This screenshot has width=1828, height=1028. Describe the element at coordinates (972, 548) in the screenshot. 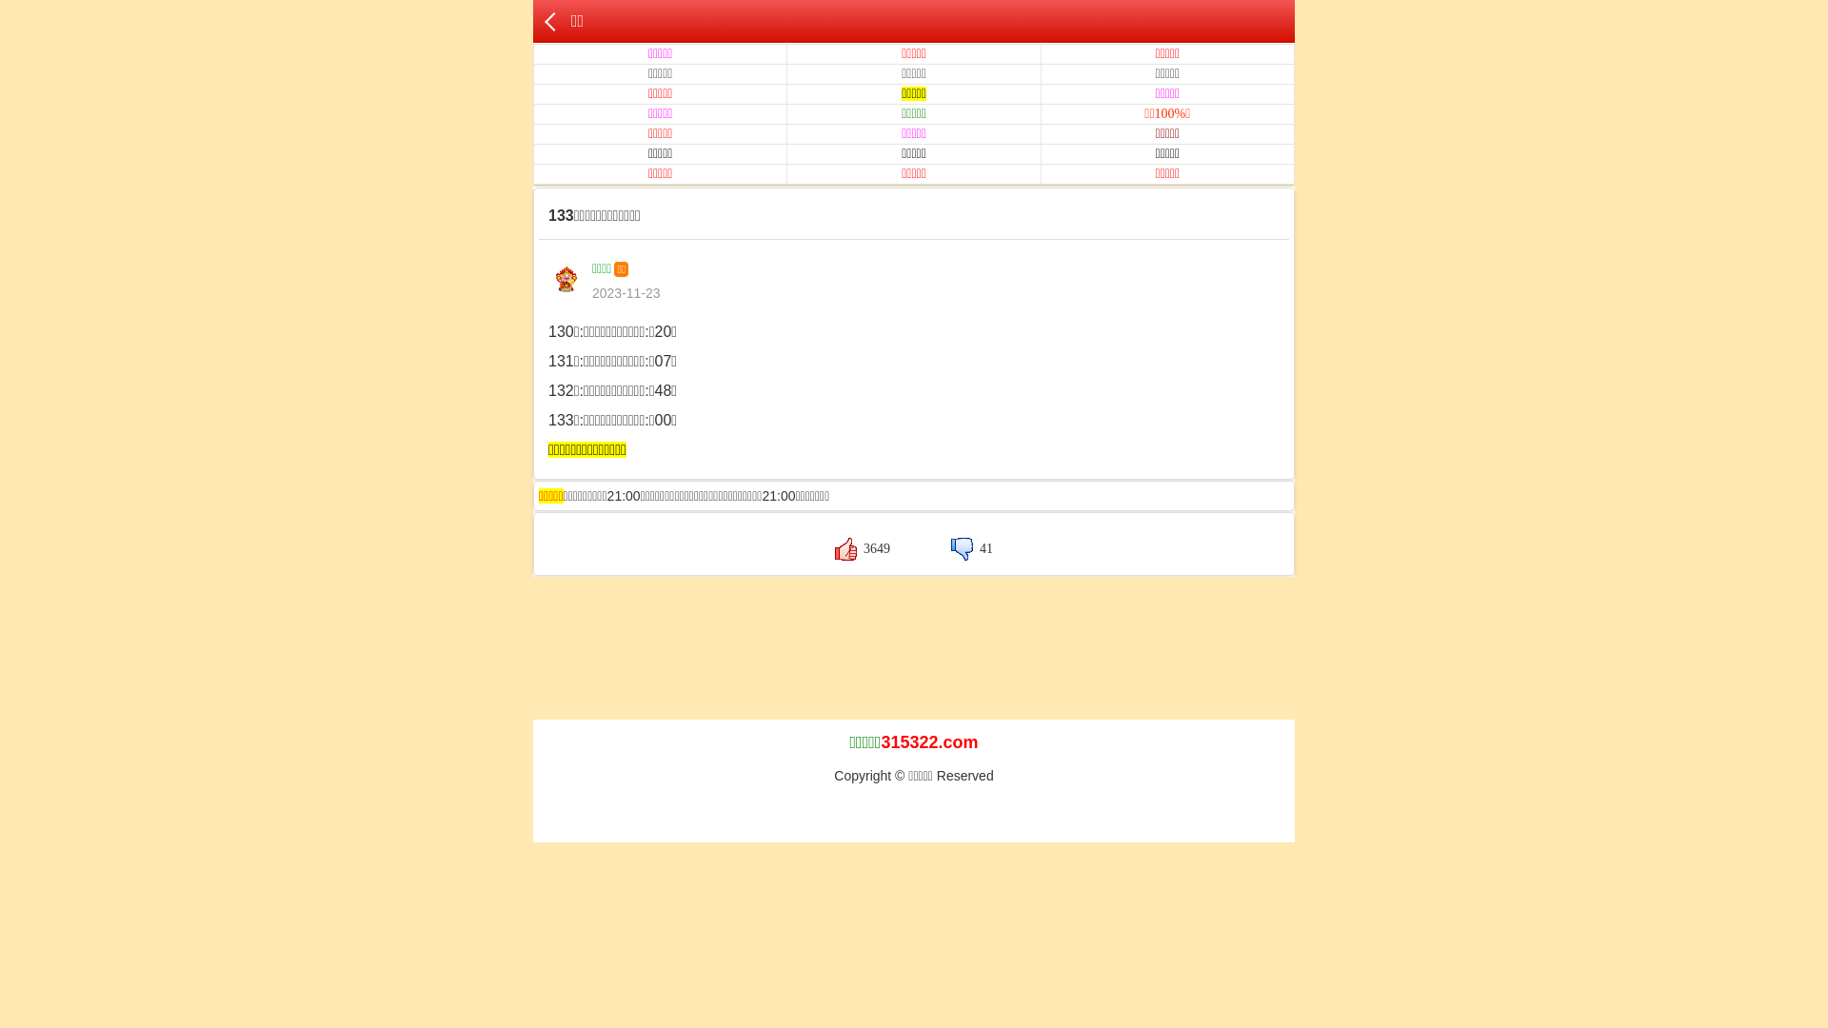

I see `'41'` at that location.